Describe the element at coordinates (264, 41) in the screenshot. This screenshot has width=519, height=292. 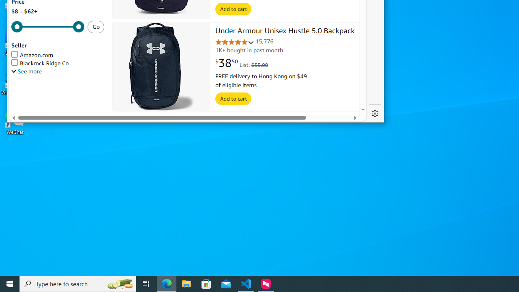
I see `'15,776'` at that location.